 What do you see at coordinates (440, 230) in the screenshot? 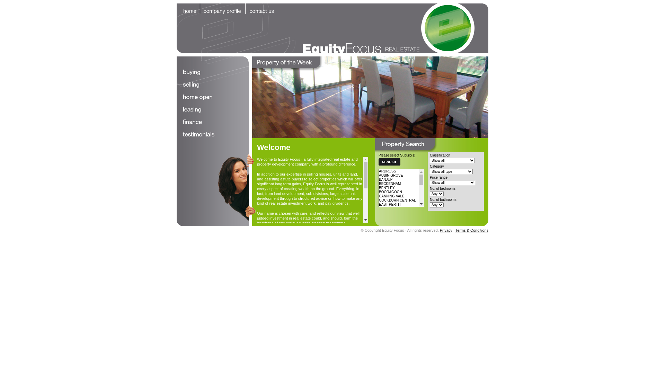
I see `'Privacy'` at bounding box center [440, 230].